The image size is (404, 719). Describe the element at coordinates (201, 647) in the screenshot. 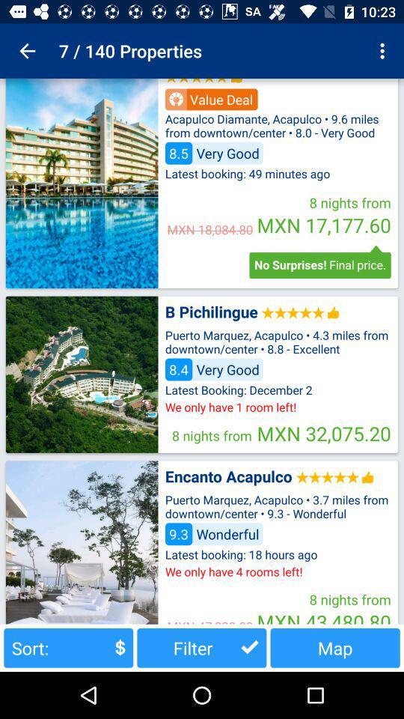

I see `item next to sort:  button` at that location.